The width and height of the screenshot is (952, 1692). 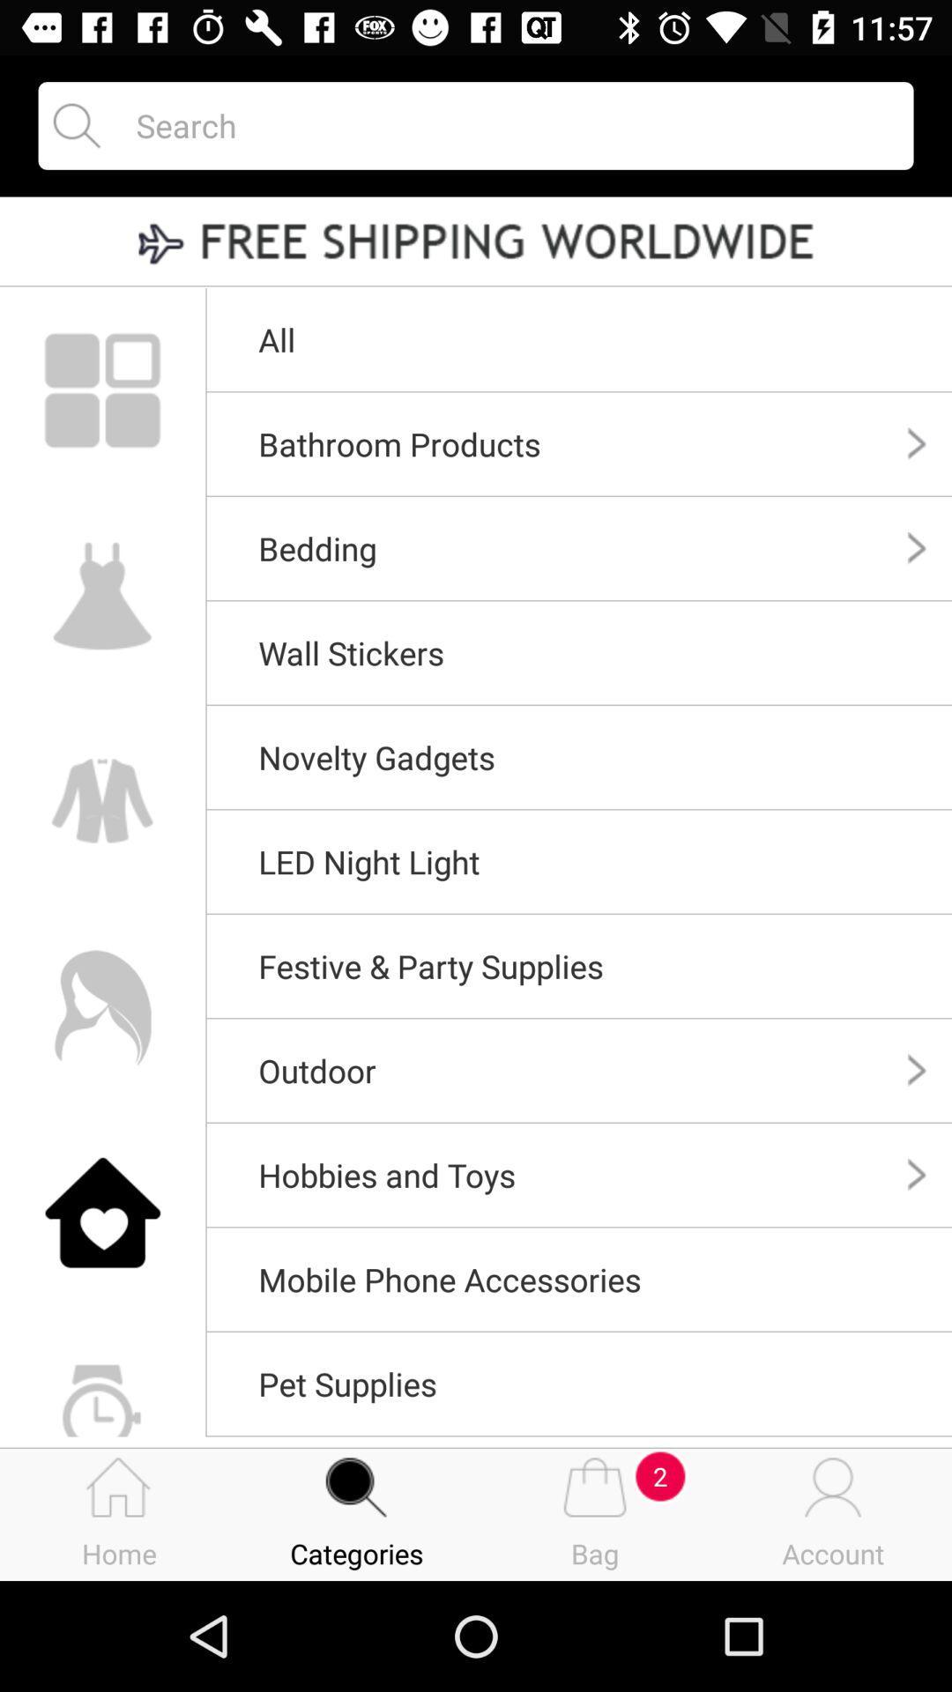 I want to click on search, so click(x=509, y=124).